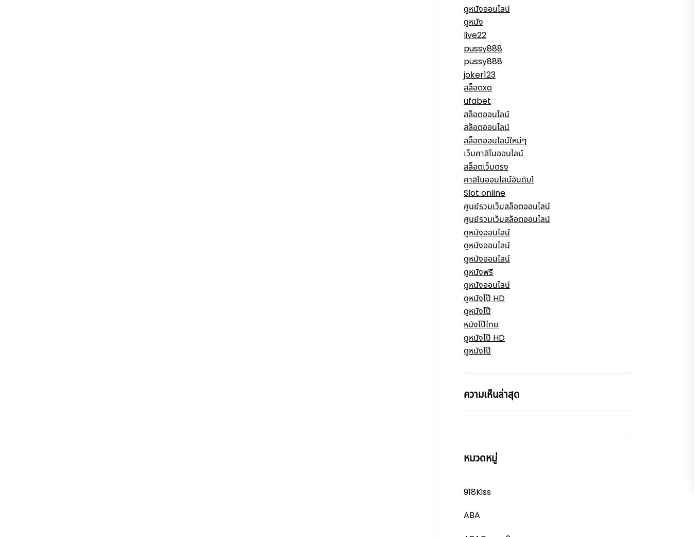 This screenshot has width=694, height=537. What do you see at coordinates (463, 87) in the screenshot?
I see `'สล็อตxo'` at bounding box center [463, 87].